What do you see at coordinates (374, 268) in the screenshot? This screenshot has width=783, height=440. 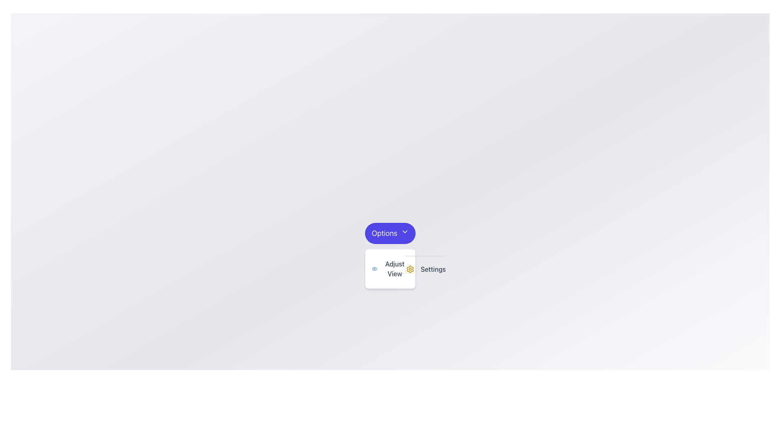 I see `the blue rounded eye icon located to the left of the 'Adjust View' text` at bounding box center [374, 268].